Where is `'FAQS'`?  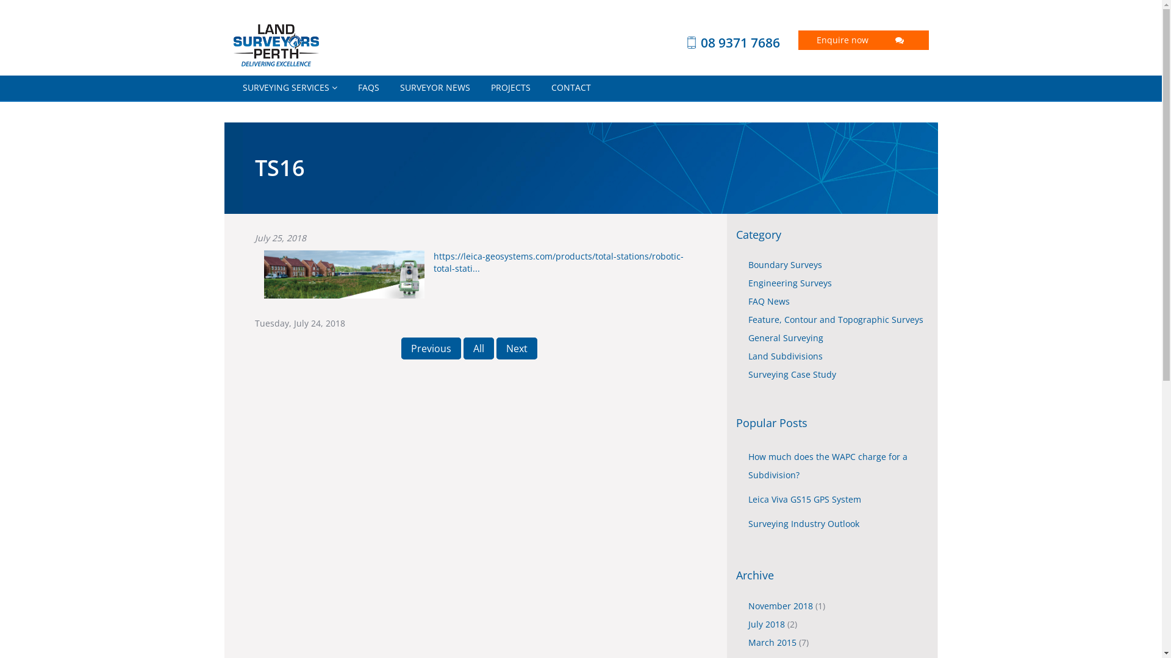 'FAQS' is located at coordinates (348, 87).